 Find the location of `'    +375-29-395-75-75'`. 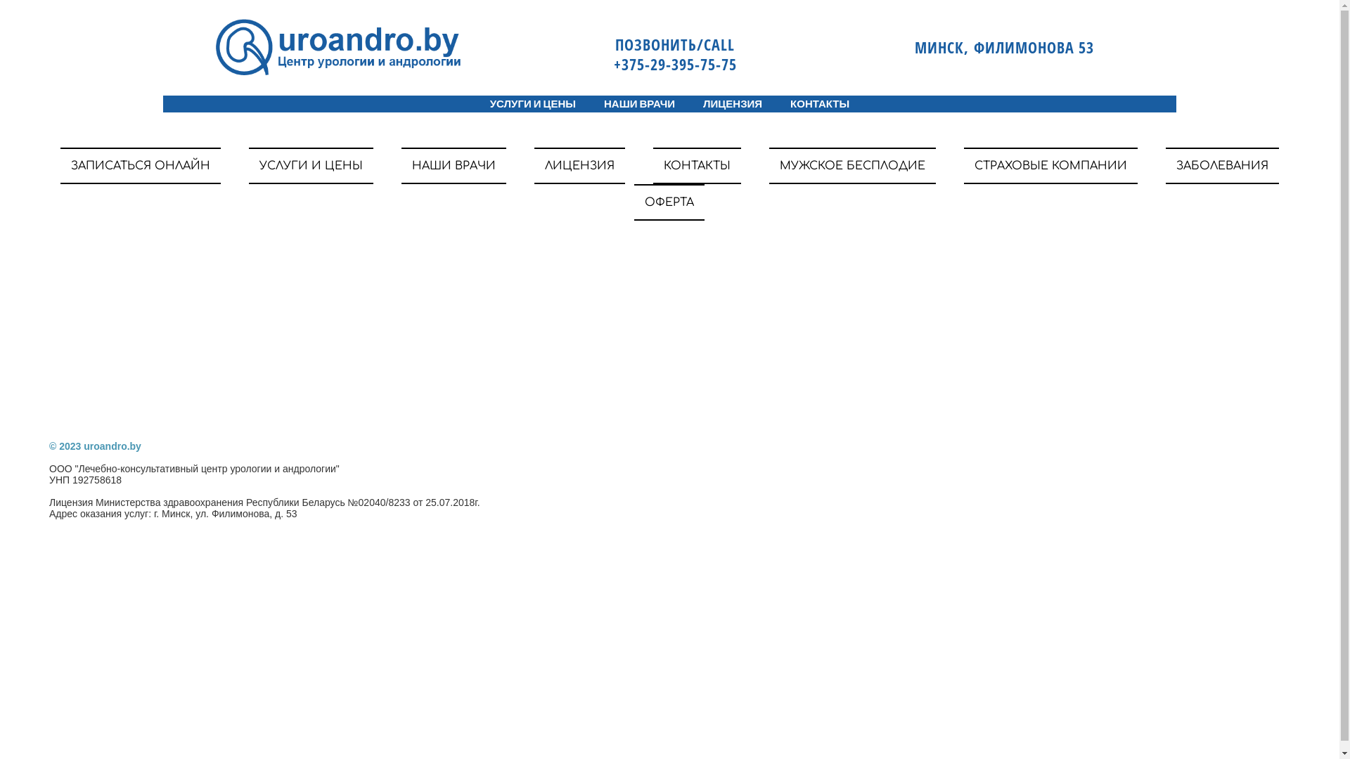

'    +375-29-395-75-75' is located at coordinates (665, 64).